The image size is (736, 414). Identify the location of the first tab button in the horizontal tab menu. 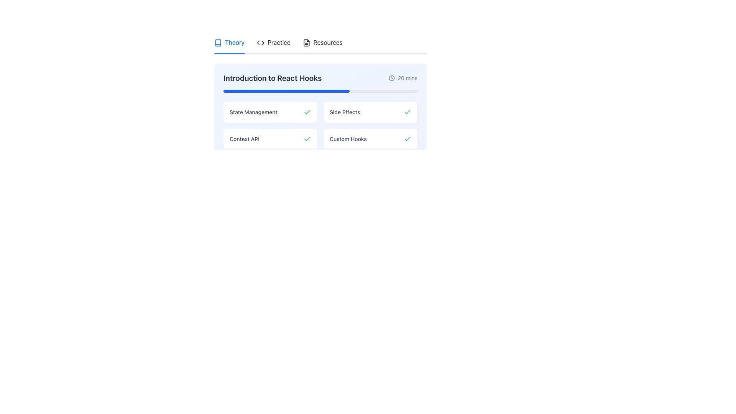
(229, 43).